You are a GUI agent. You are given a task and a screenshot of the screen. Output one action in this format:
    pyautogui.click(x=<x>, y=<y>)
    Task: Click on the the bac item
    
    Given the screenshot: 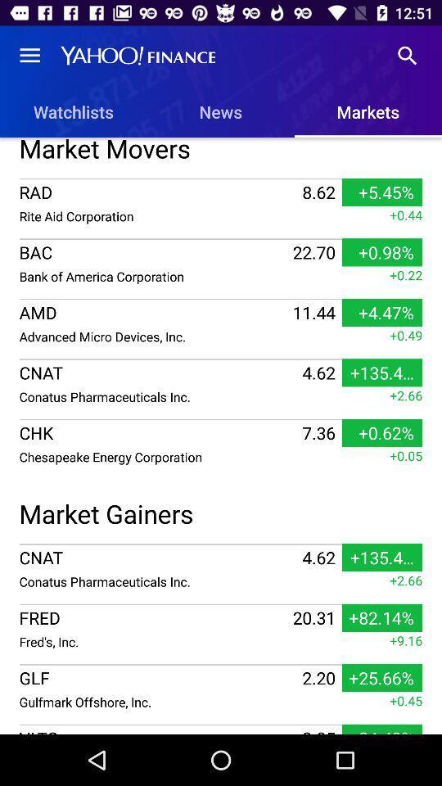 What is the action you would take?
    pyautogui.click(x=154, y=252)
    